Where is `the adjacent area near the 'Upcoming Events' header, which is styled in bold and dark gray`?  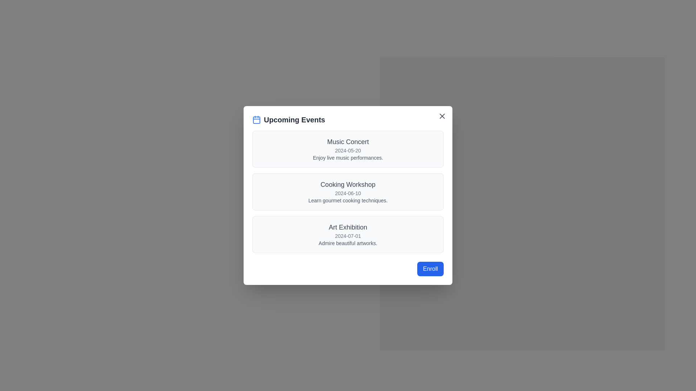 the adjacent area near the 'Upcoming Events' header, which is styled in bold and dark gray is located at coordinates (348, 119).